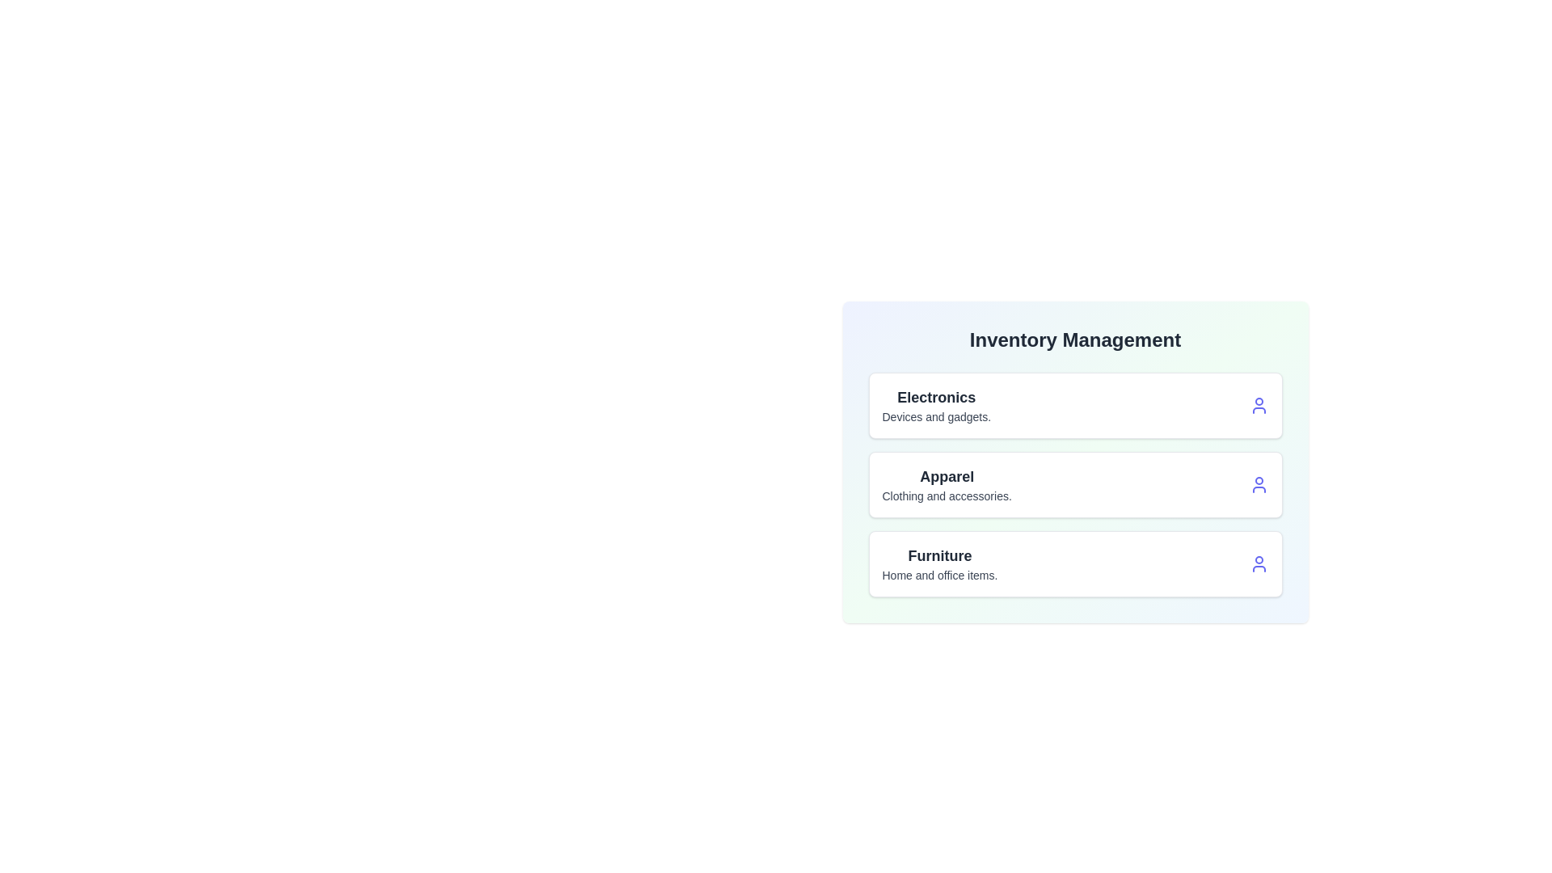 Image resolution: width=1552 pixels, height=873 pixels. Describe the element at coordinates (936, 416) in the screenshot. I see `the description text of the category Electronics` at that location.